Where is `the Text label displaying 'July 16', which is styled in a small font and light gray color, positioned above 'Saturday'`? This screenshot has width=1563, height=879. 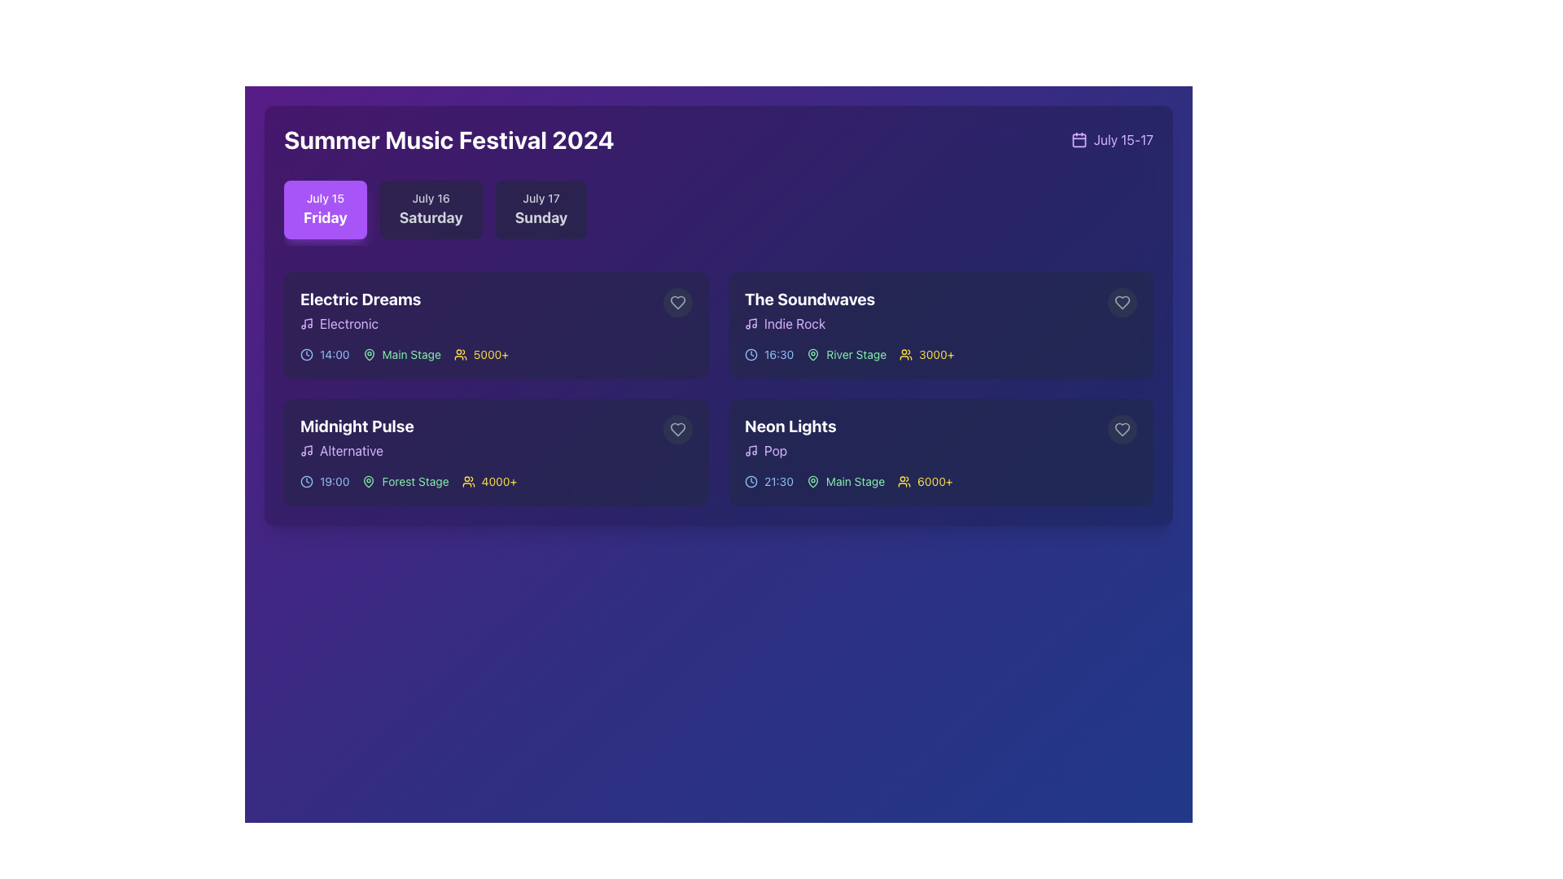 the Text label displaying 'July 16', which is styled in a small font and light gray color, positioned above 'Saturday' is located at coordinates (431, 197).